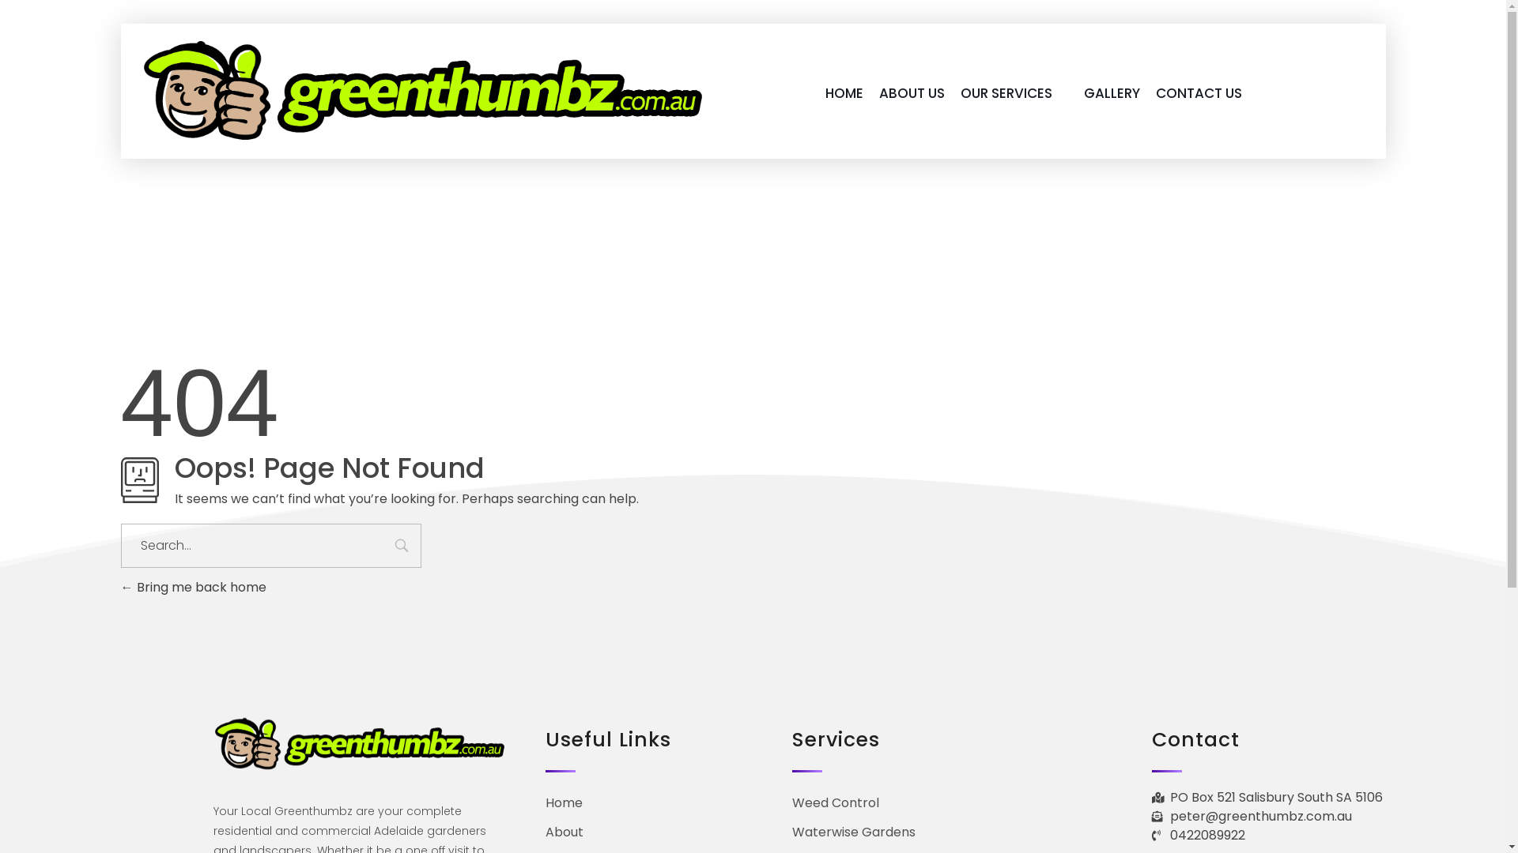  Describe the element at coordinates (912, 93) in the screenshot. I see `'ABOUT US'` at that location.